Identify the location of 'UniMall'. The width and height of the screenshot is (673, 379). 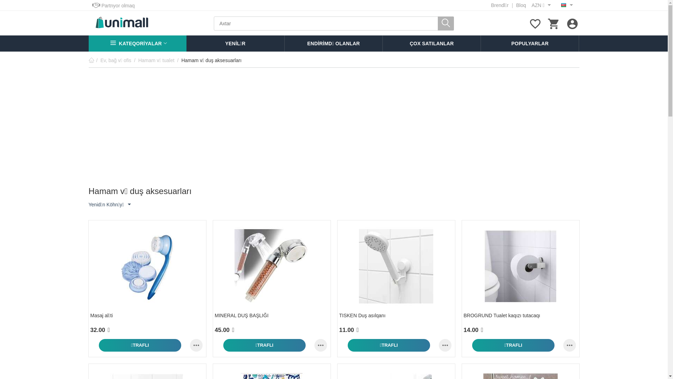
(121, 22).